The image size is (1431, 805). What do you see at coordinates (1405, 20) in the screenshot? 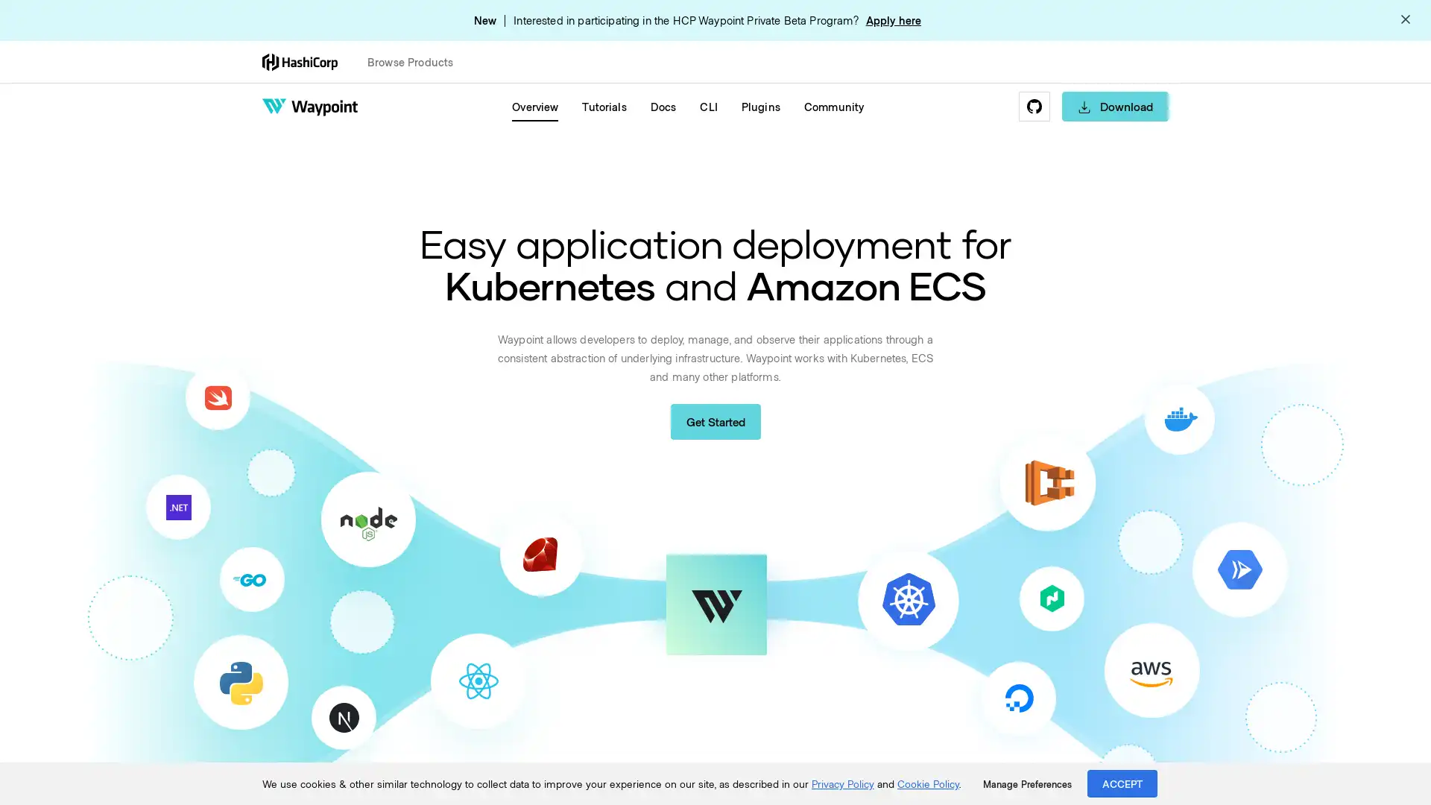
I see `Dismiss alert` at bounding box center [1405, 20].